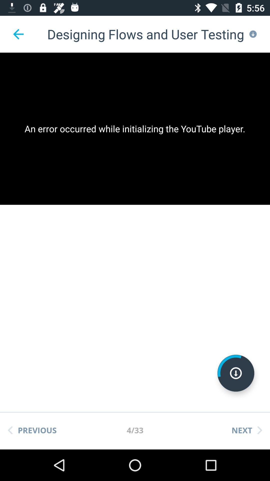 This screenshot has width=270, height=481. Describe the element at coordinates (18, 34) in the screenshot. I see `the icon at the top left corner` at that location.